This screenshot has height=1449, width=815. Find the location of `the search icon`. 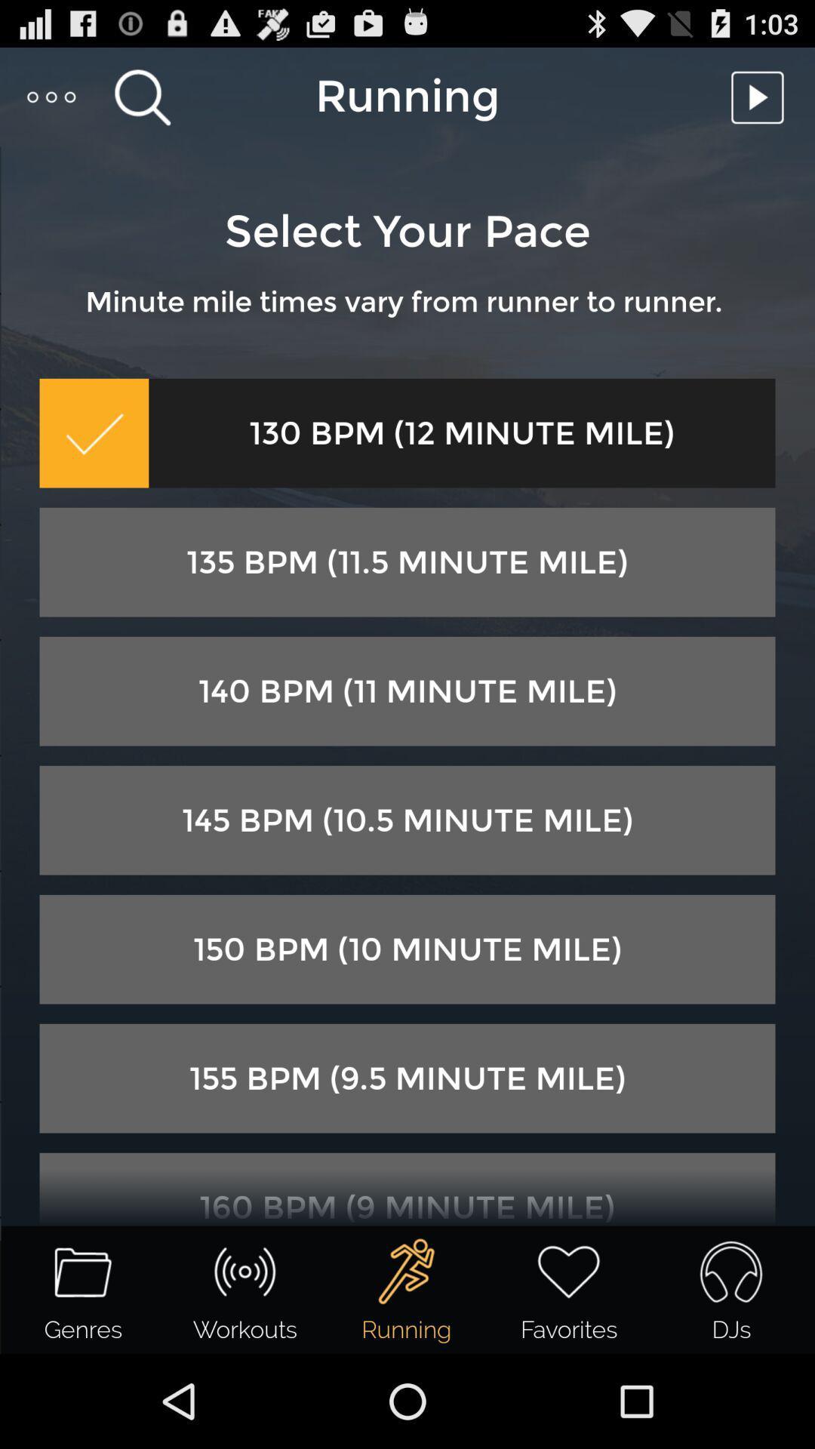

the search icon is located at coordinates (142, 103).